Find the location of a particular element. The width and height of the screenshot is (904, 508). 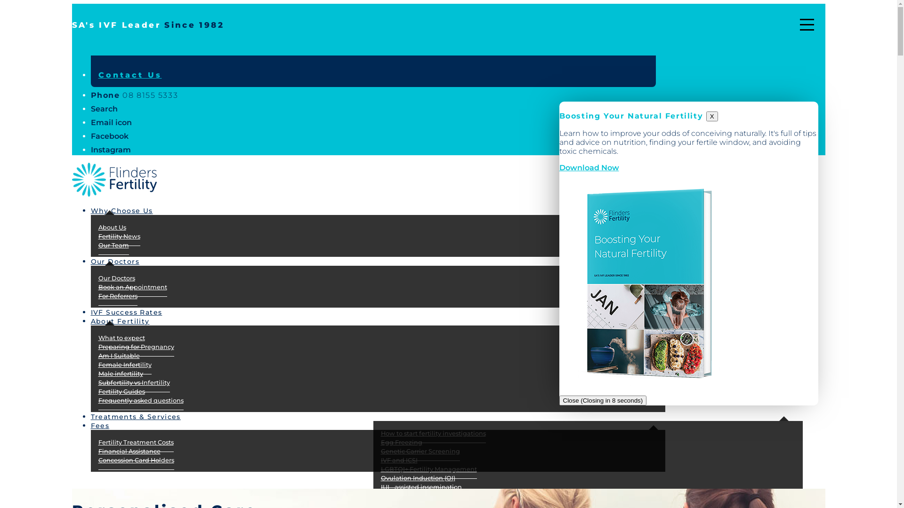

'Facebook' is located at coordinates (109, 136).